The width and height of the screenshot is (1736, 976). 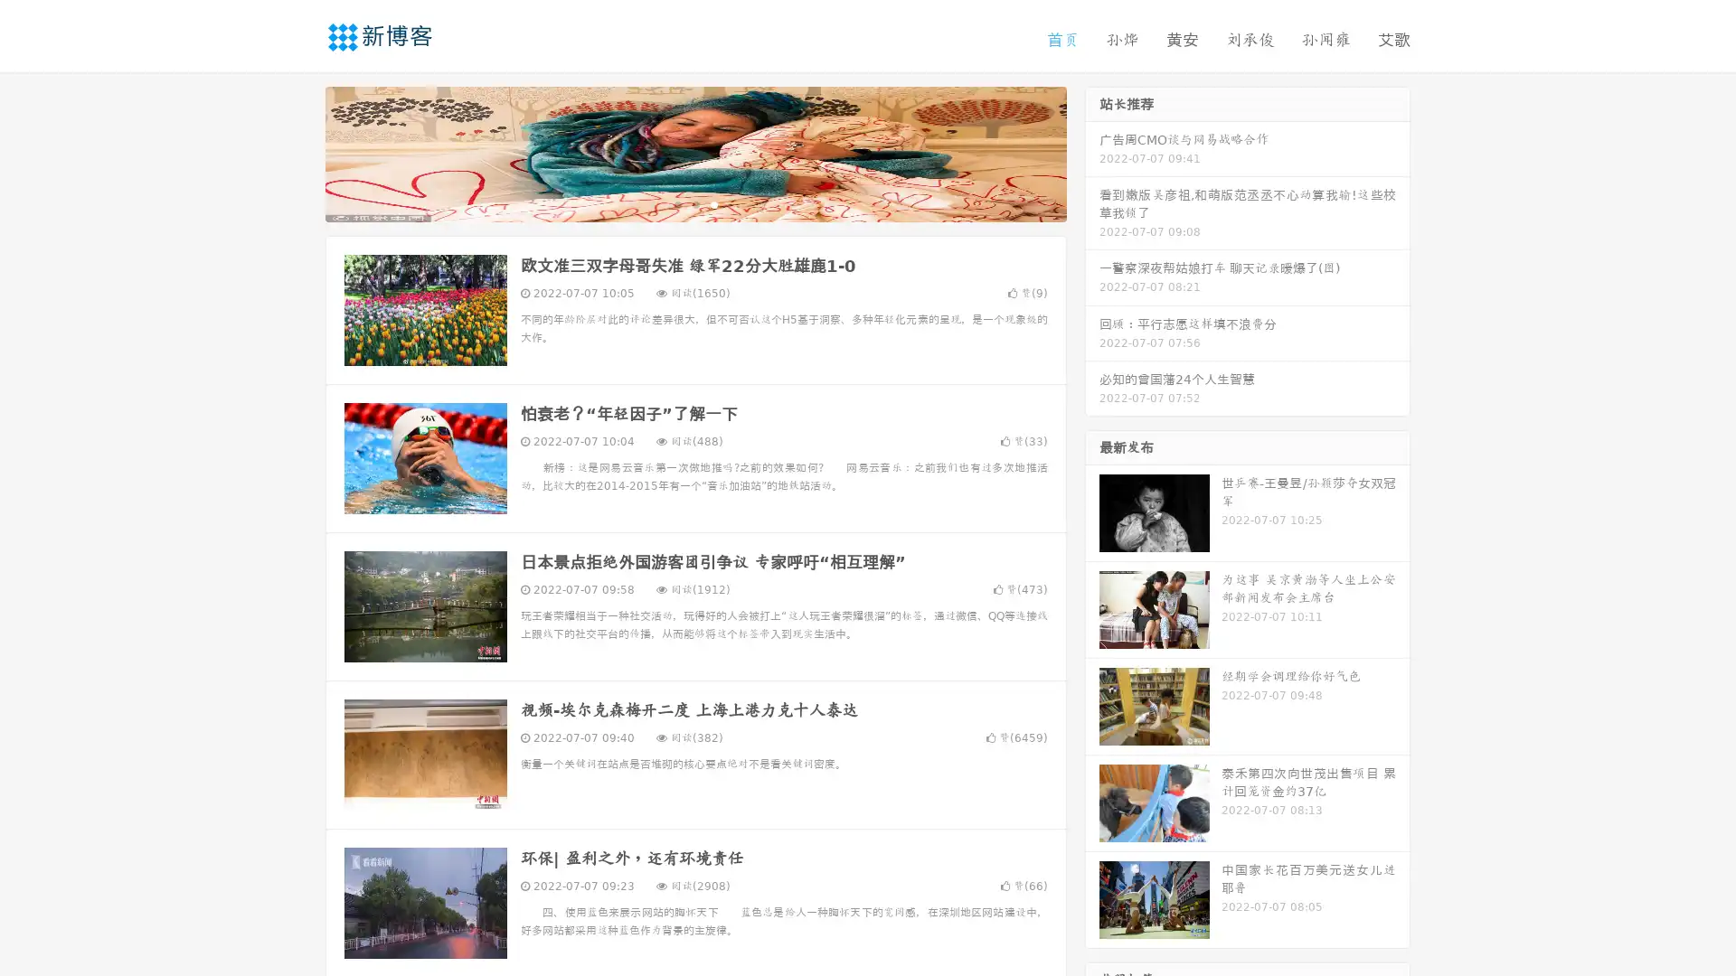 I want to click on Go to slide 1, so click(x=676, y=203).